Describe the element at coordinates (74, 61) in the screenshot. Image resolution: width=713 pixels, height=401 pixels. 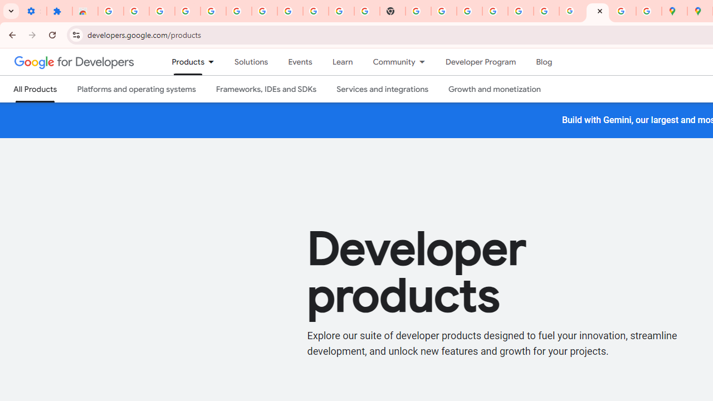
I see `'Google for Developers'` at that location.